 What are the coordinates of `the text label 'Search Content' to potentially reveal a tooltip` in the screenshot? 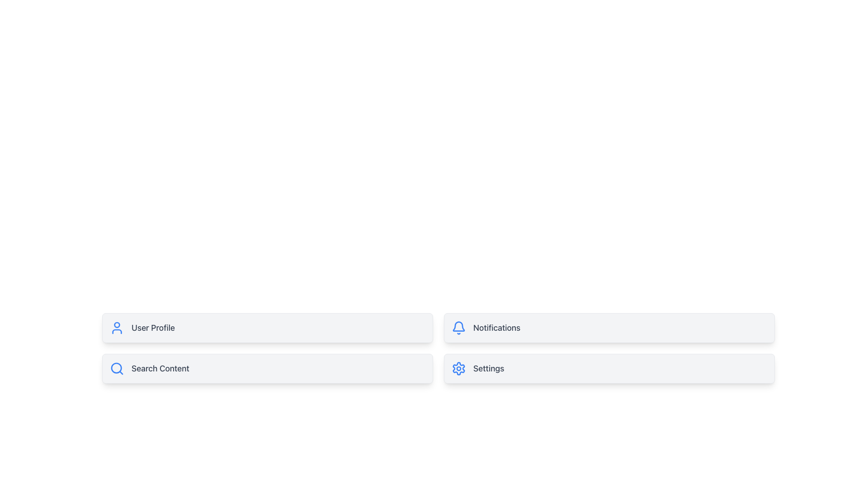 It's located at (160, 369).